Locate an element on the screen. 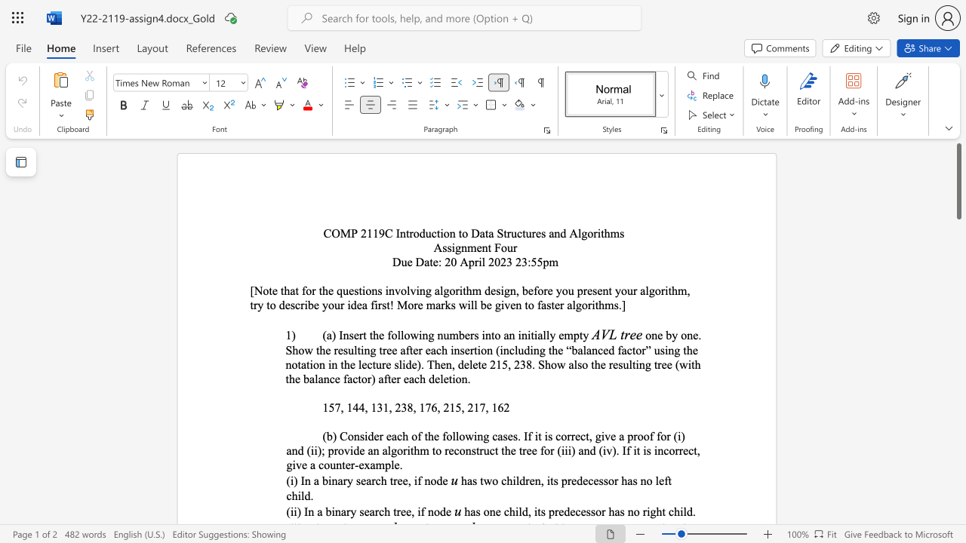  the scrollbar on the right to move the page downward is located at coordinates (958, 362).